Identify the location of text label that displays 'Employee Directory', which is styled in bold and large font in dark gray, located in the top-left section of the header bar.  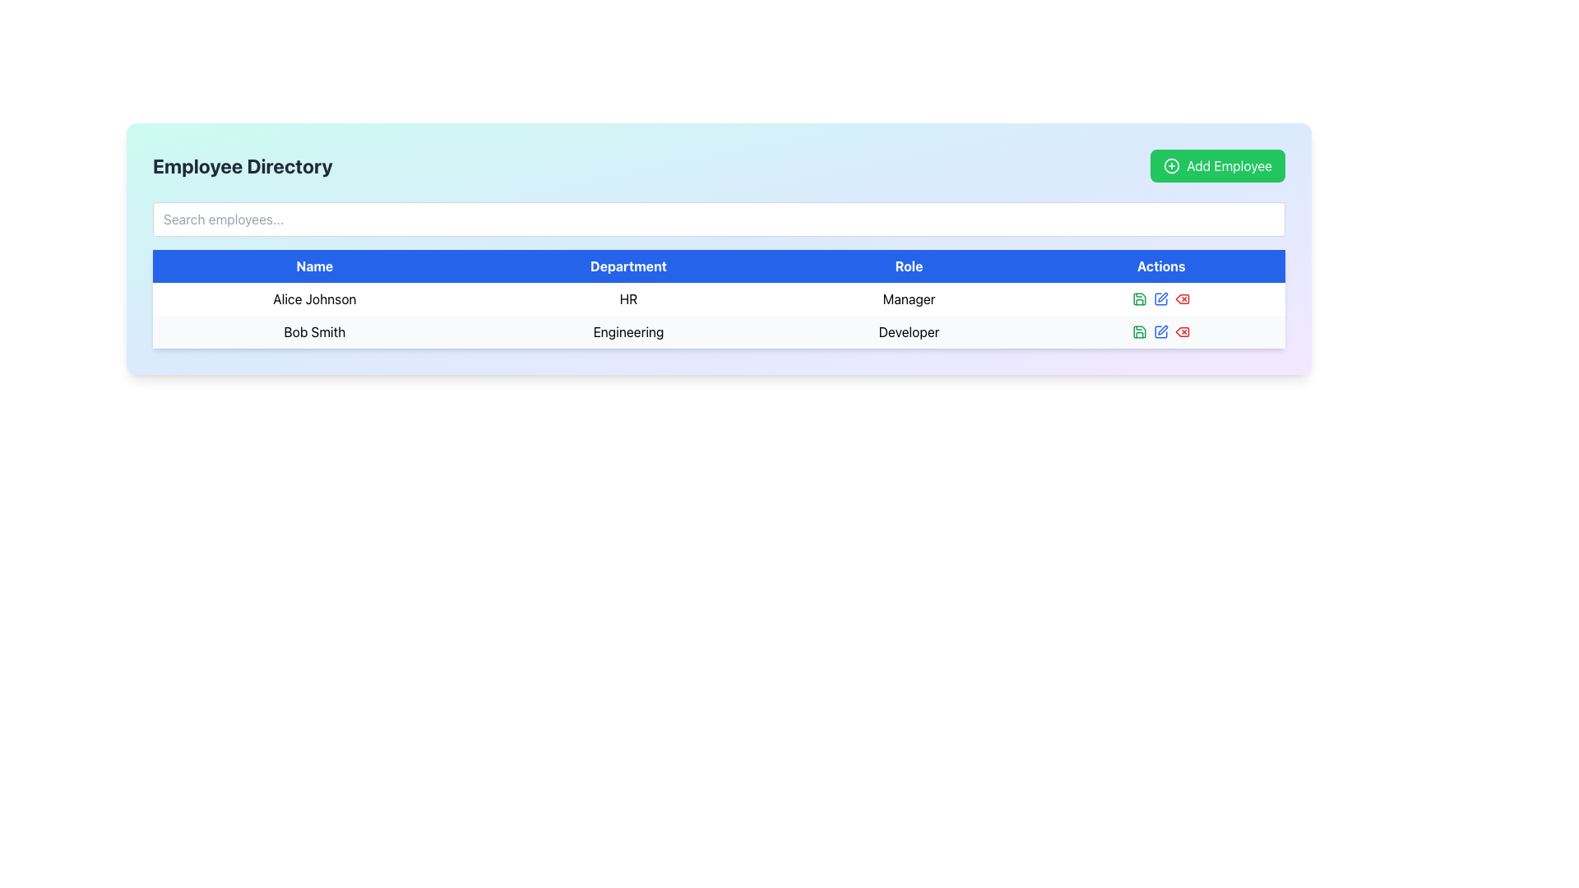
(242, 165).